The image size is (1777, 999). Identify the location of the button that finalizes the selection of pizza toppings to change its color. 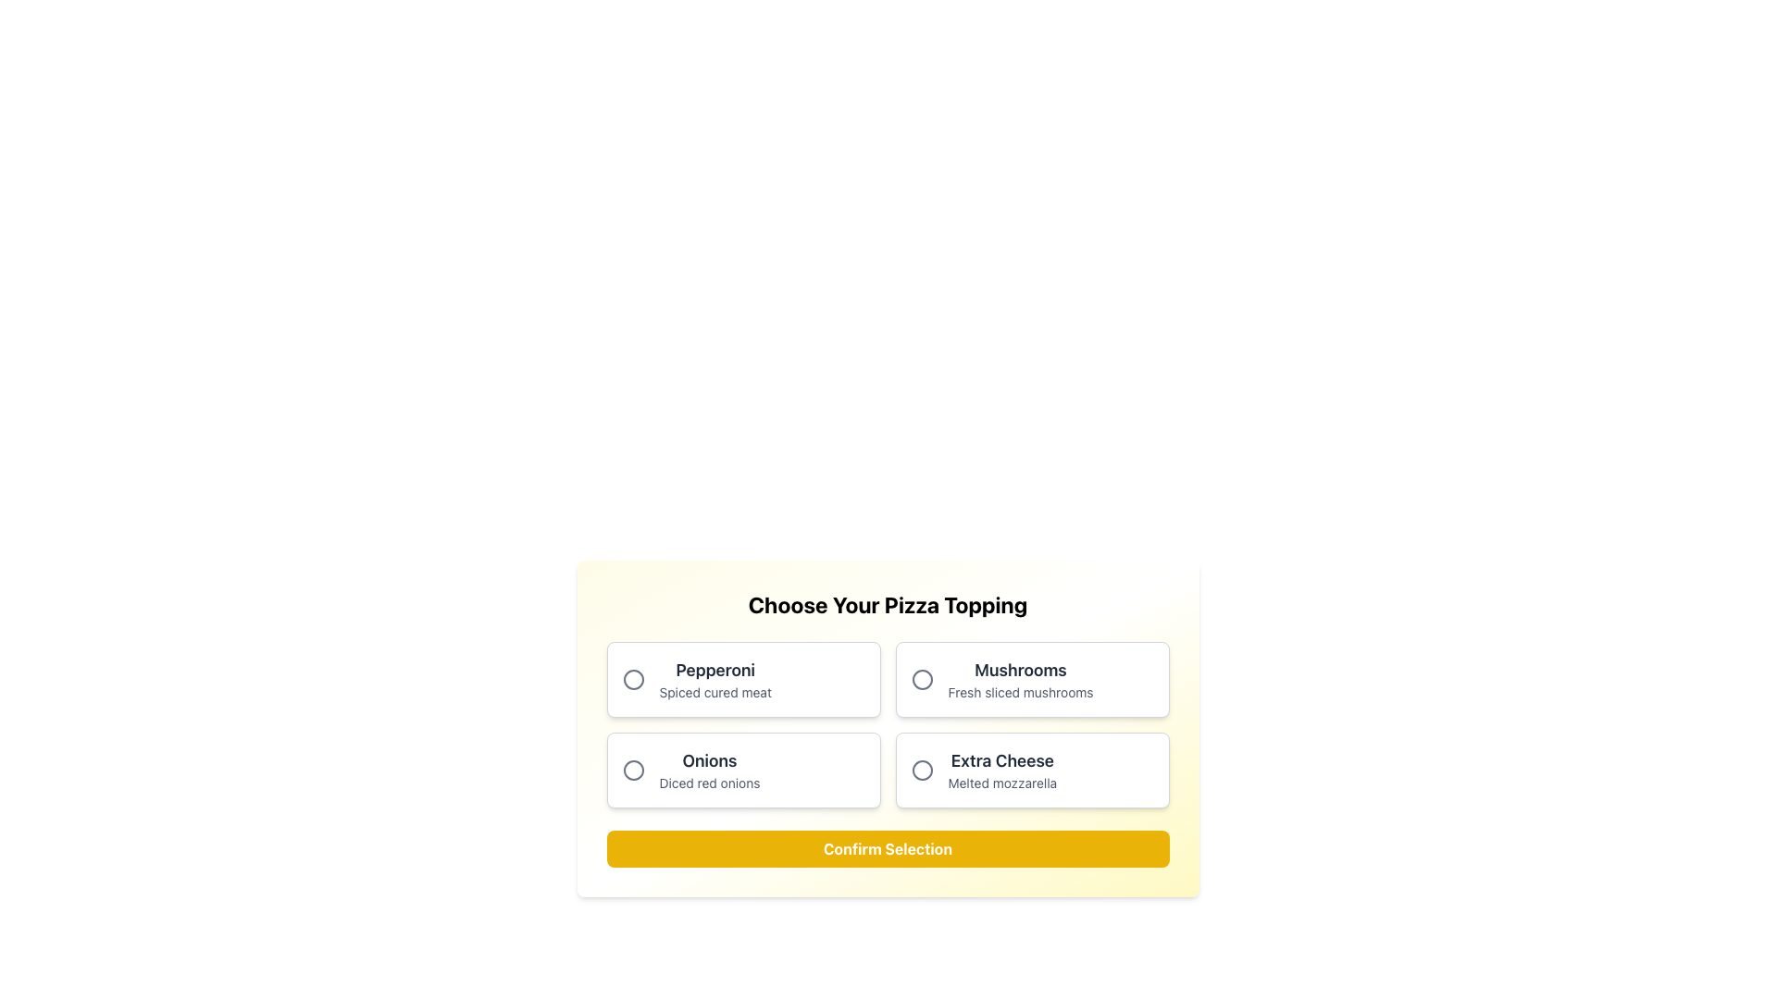
(887, 849).